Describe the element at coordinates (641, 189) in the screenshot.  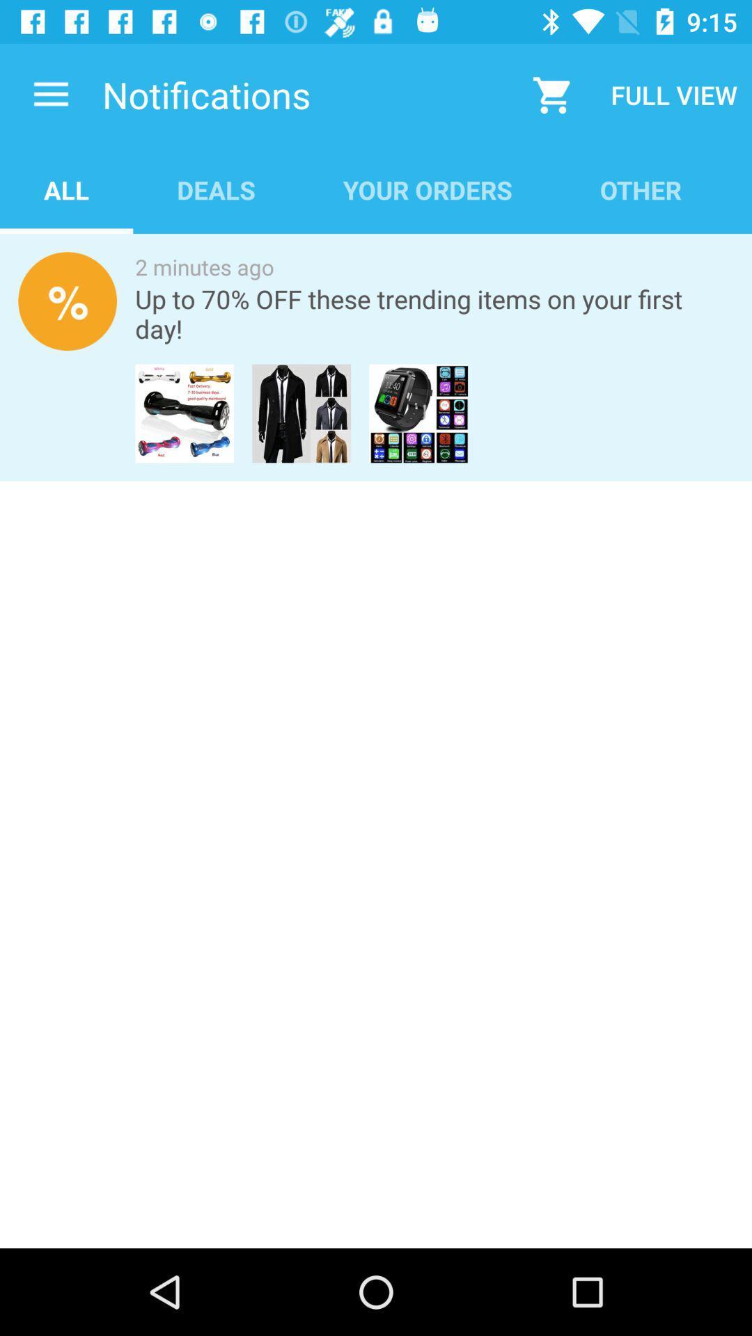
I see `the item next to the your orders item` at that location.